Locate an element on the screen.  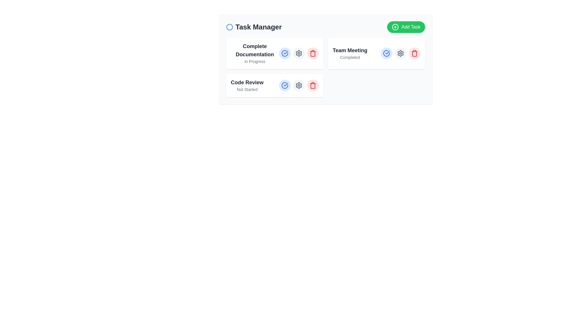
the small gray text label displaying 'Completed' that is positioned under the 'Team Meeting' title is located at coordinates (350, 57).